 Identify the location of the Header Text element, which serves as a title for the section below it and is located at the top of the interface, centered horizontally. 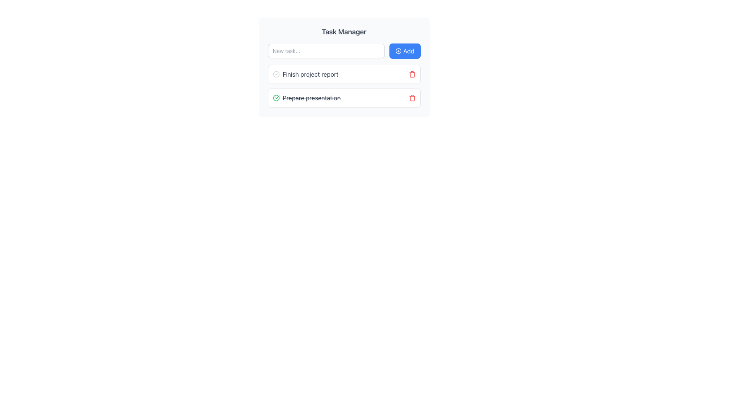
(344, 32).